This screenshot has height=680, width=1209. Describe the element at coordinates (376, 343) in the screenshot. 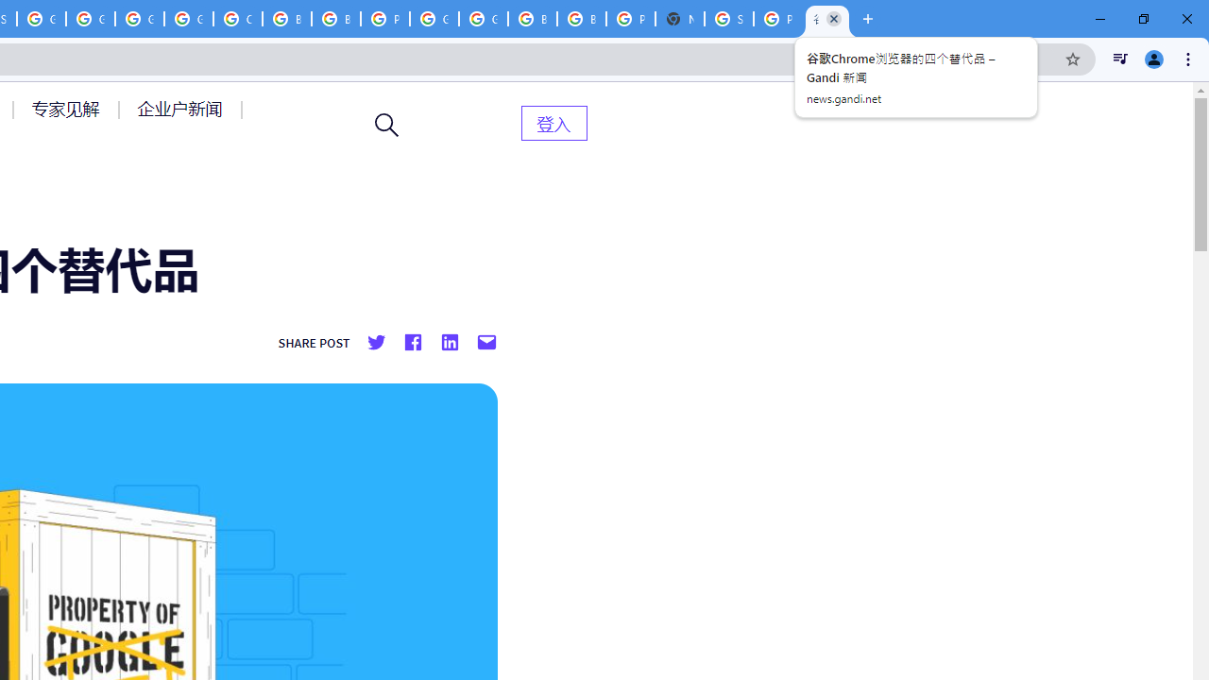

I see `'Share on twitter'` at that location.